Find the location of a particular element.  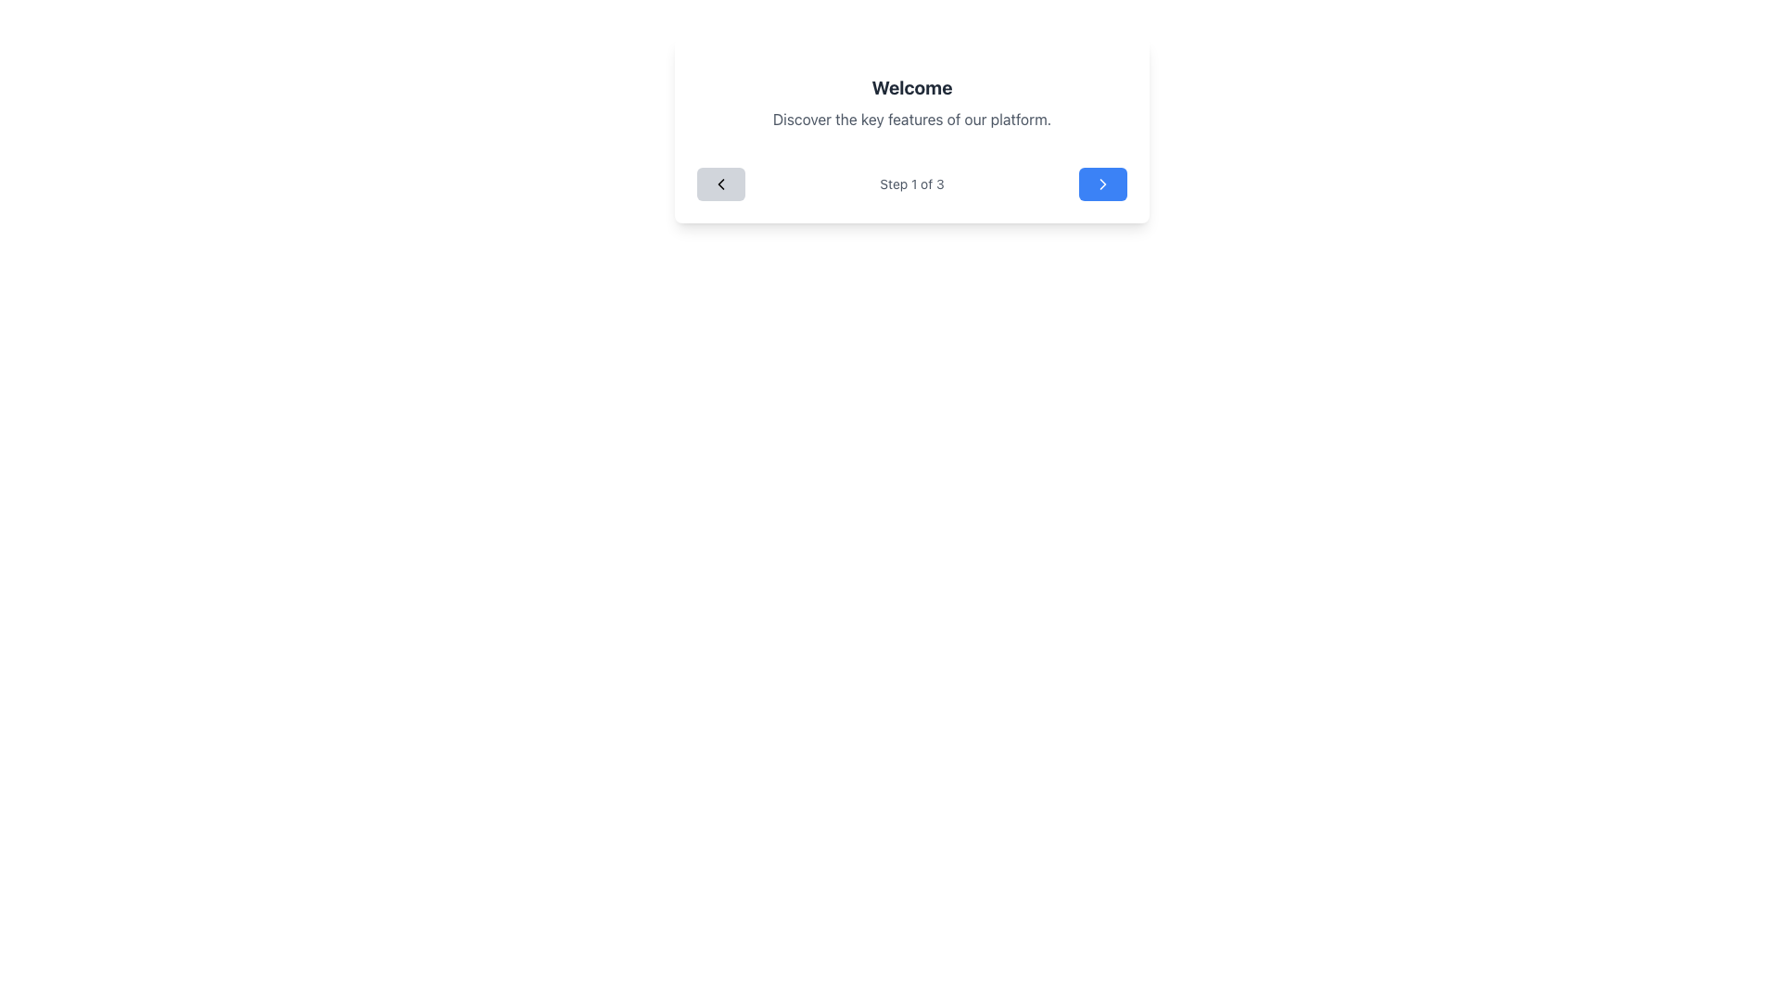

the static text label that displays the progress or current step in the process, which is centrally located below the welcome text and between two navigational buttons is located at coordinates (911, 184).